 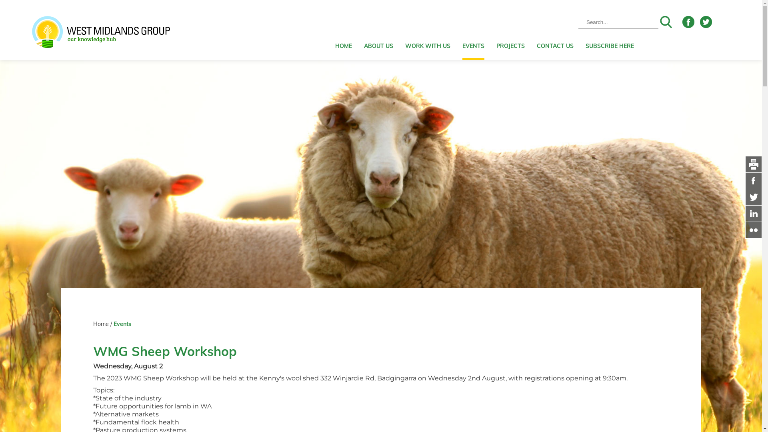 I want to click on 'Events', so click(x=122, y=324).